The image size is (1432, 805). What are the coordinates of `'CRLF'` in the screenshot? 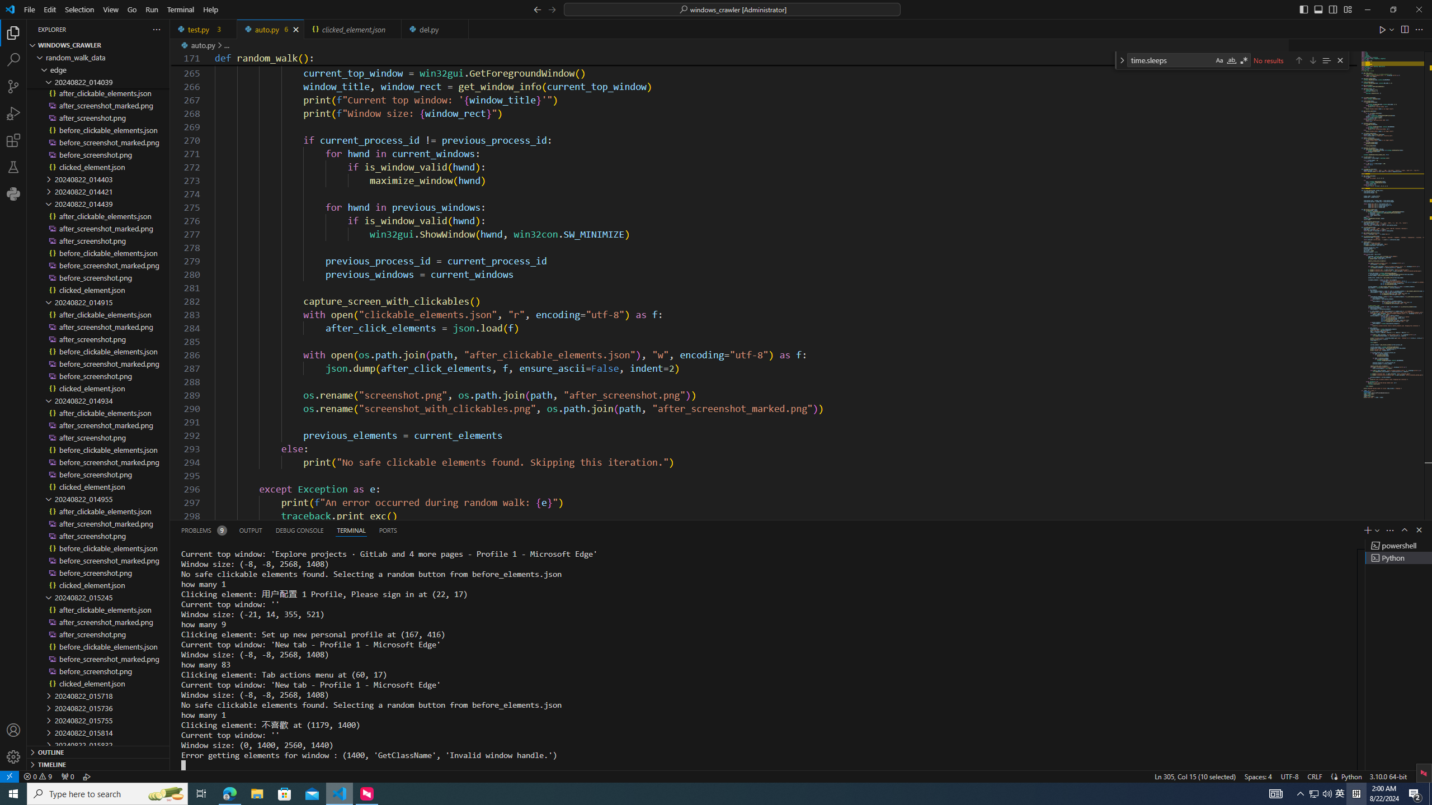 It's located at (1314, 775).